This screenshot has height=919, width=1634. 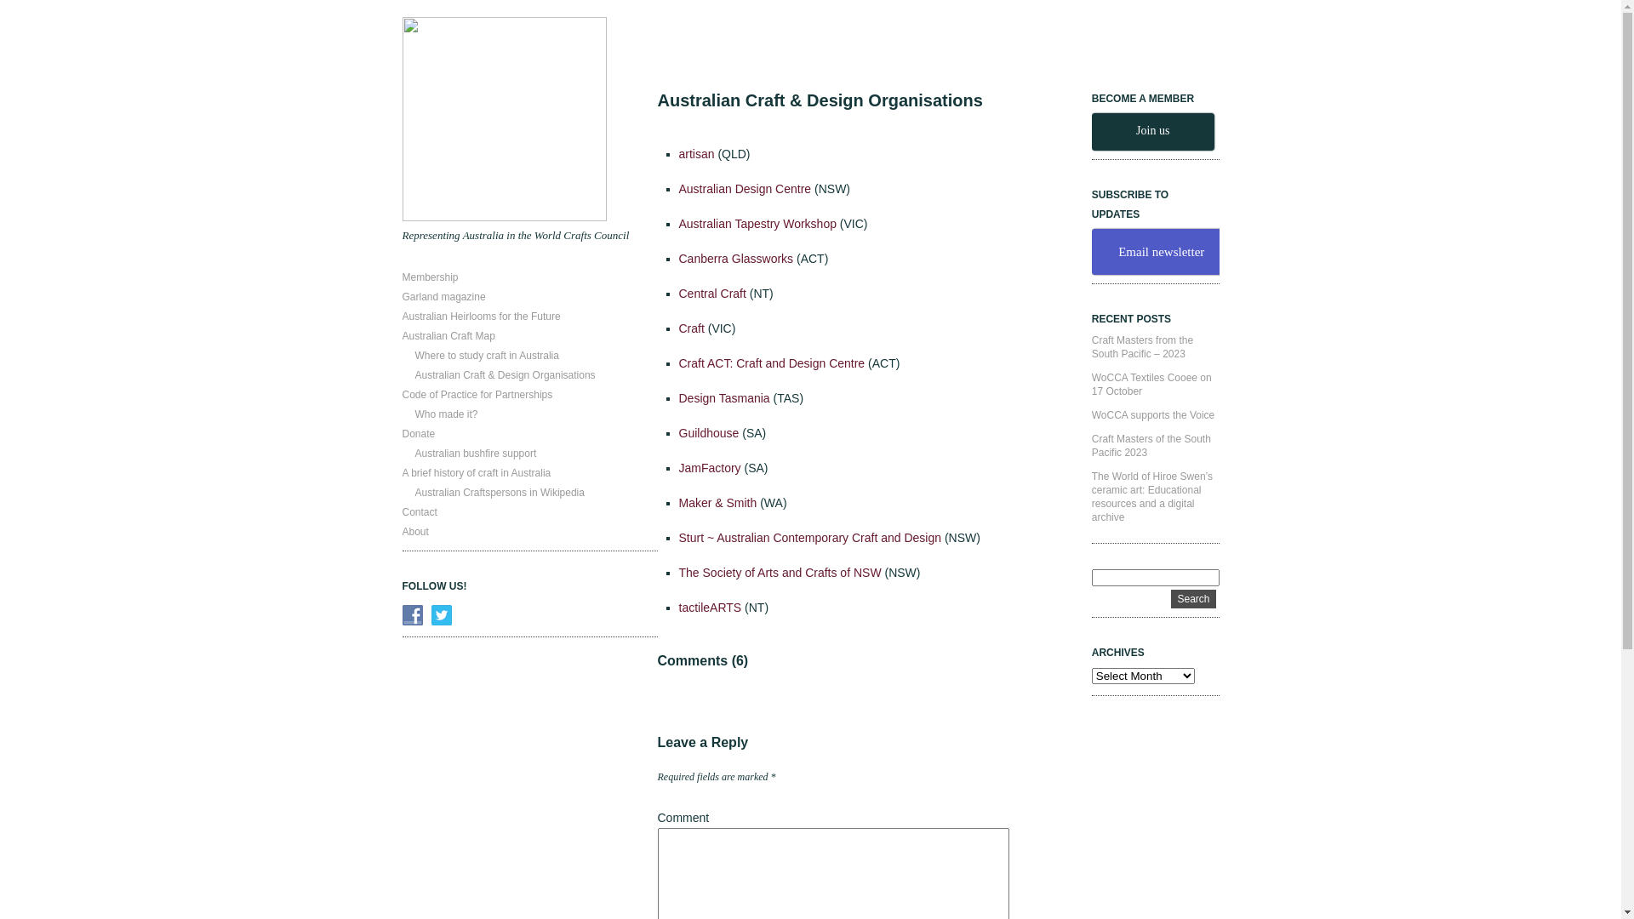 I want to click on 'Garland magazine', so click(x=443, y=295).